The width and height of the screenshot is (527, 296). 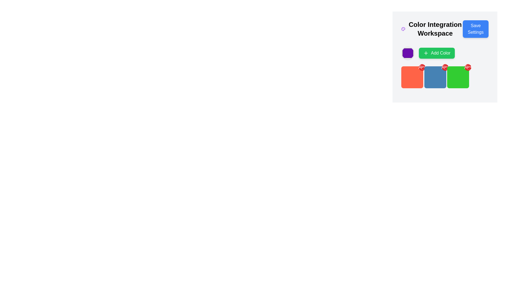 I want to click on the grid cell with a green background and a red circular badge displaying a white '×' symbol, so click(x=458, y=77).